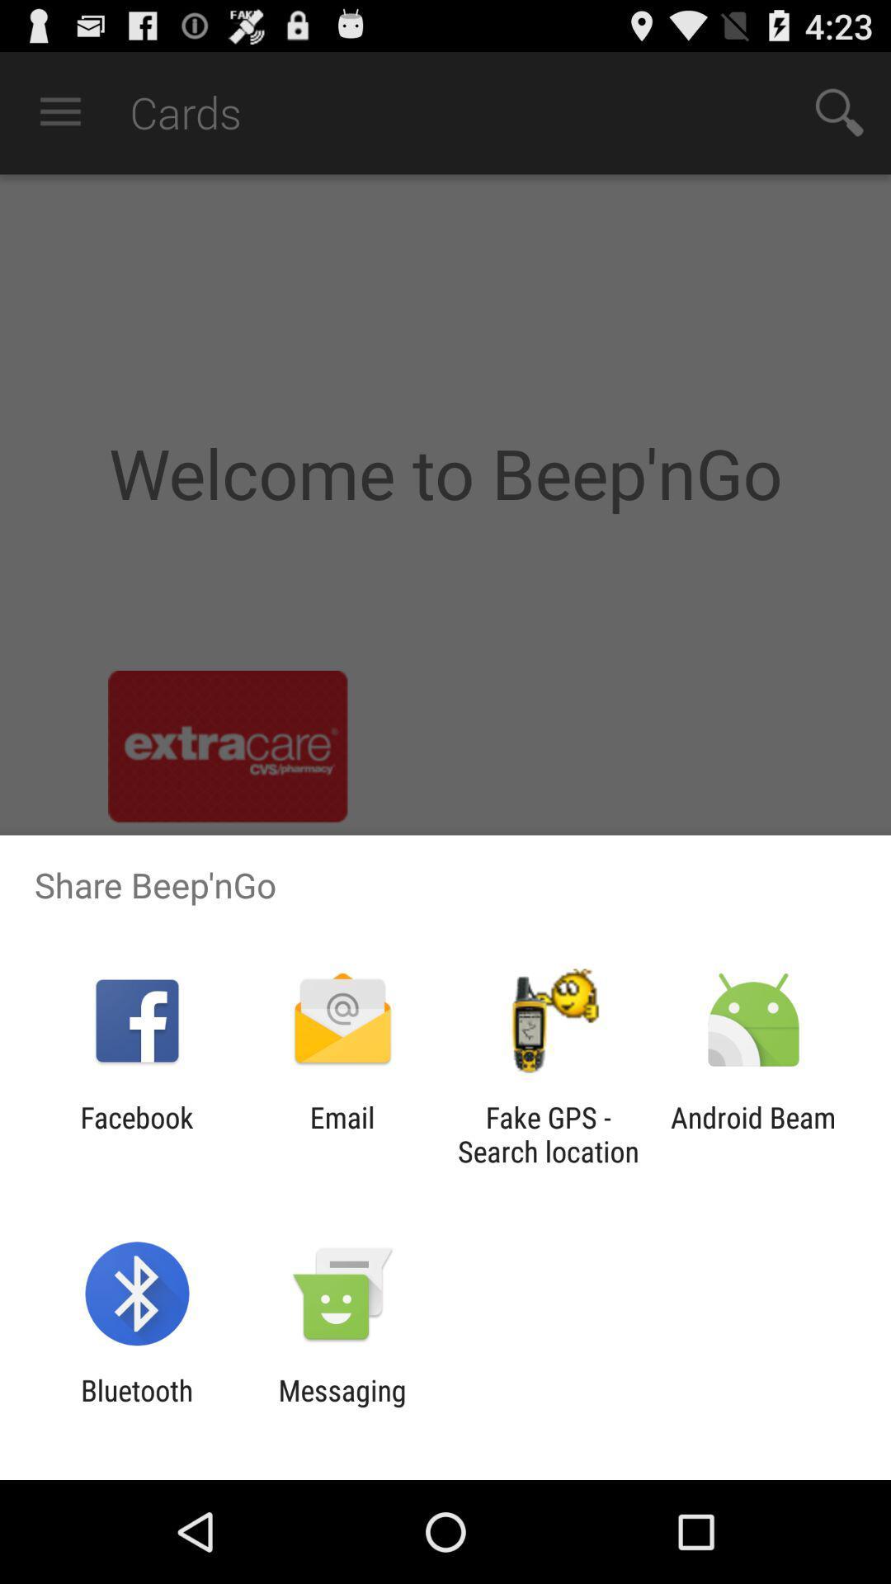 This screenshot has height=1584, width=891. I want to click on item next to messaging icon, so click(136, 1407).